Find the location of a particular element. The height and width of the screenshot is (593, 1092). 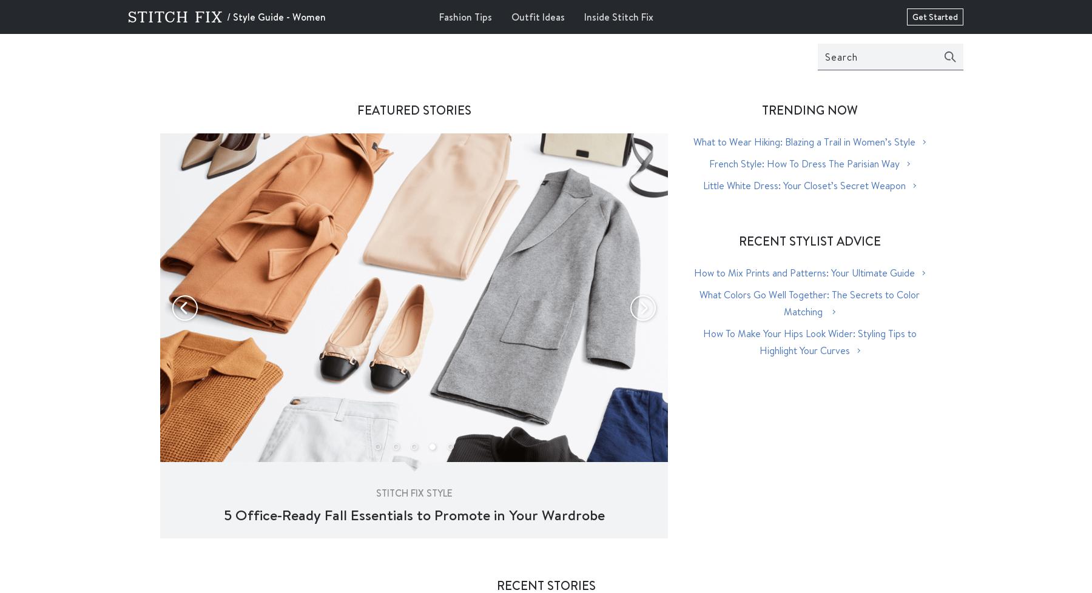

'Palette Pleasers: 4 Color Trends to Try in Fall 2023' is located at coordinates (413, 514).